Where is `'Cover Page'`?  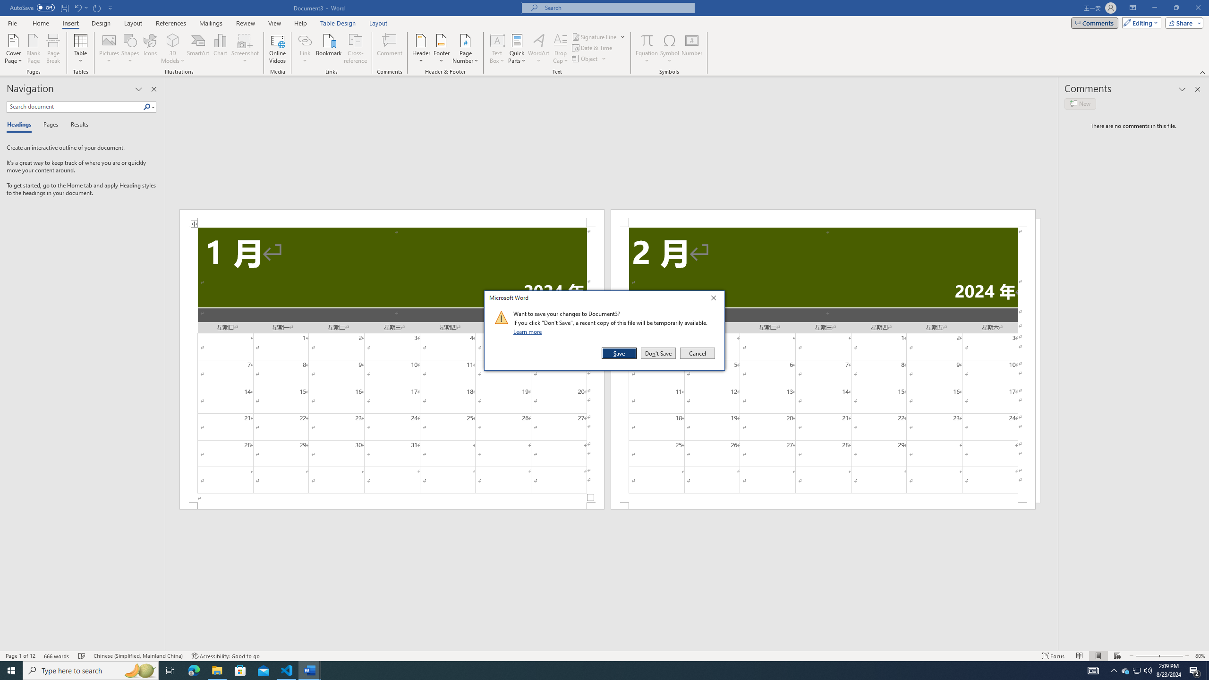 'Cover Page' is located at coordinates (13, 49).